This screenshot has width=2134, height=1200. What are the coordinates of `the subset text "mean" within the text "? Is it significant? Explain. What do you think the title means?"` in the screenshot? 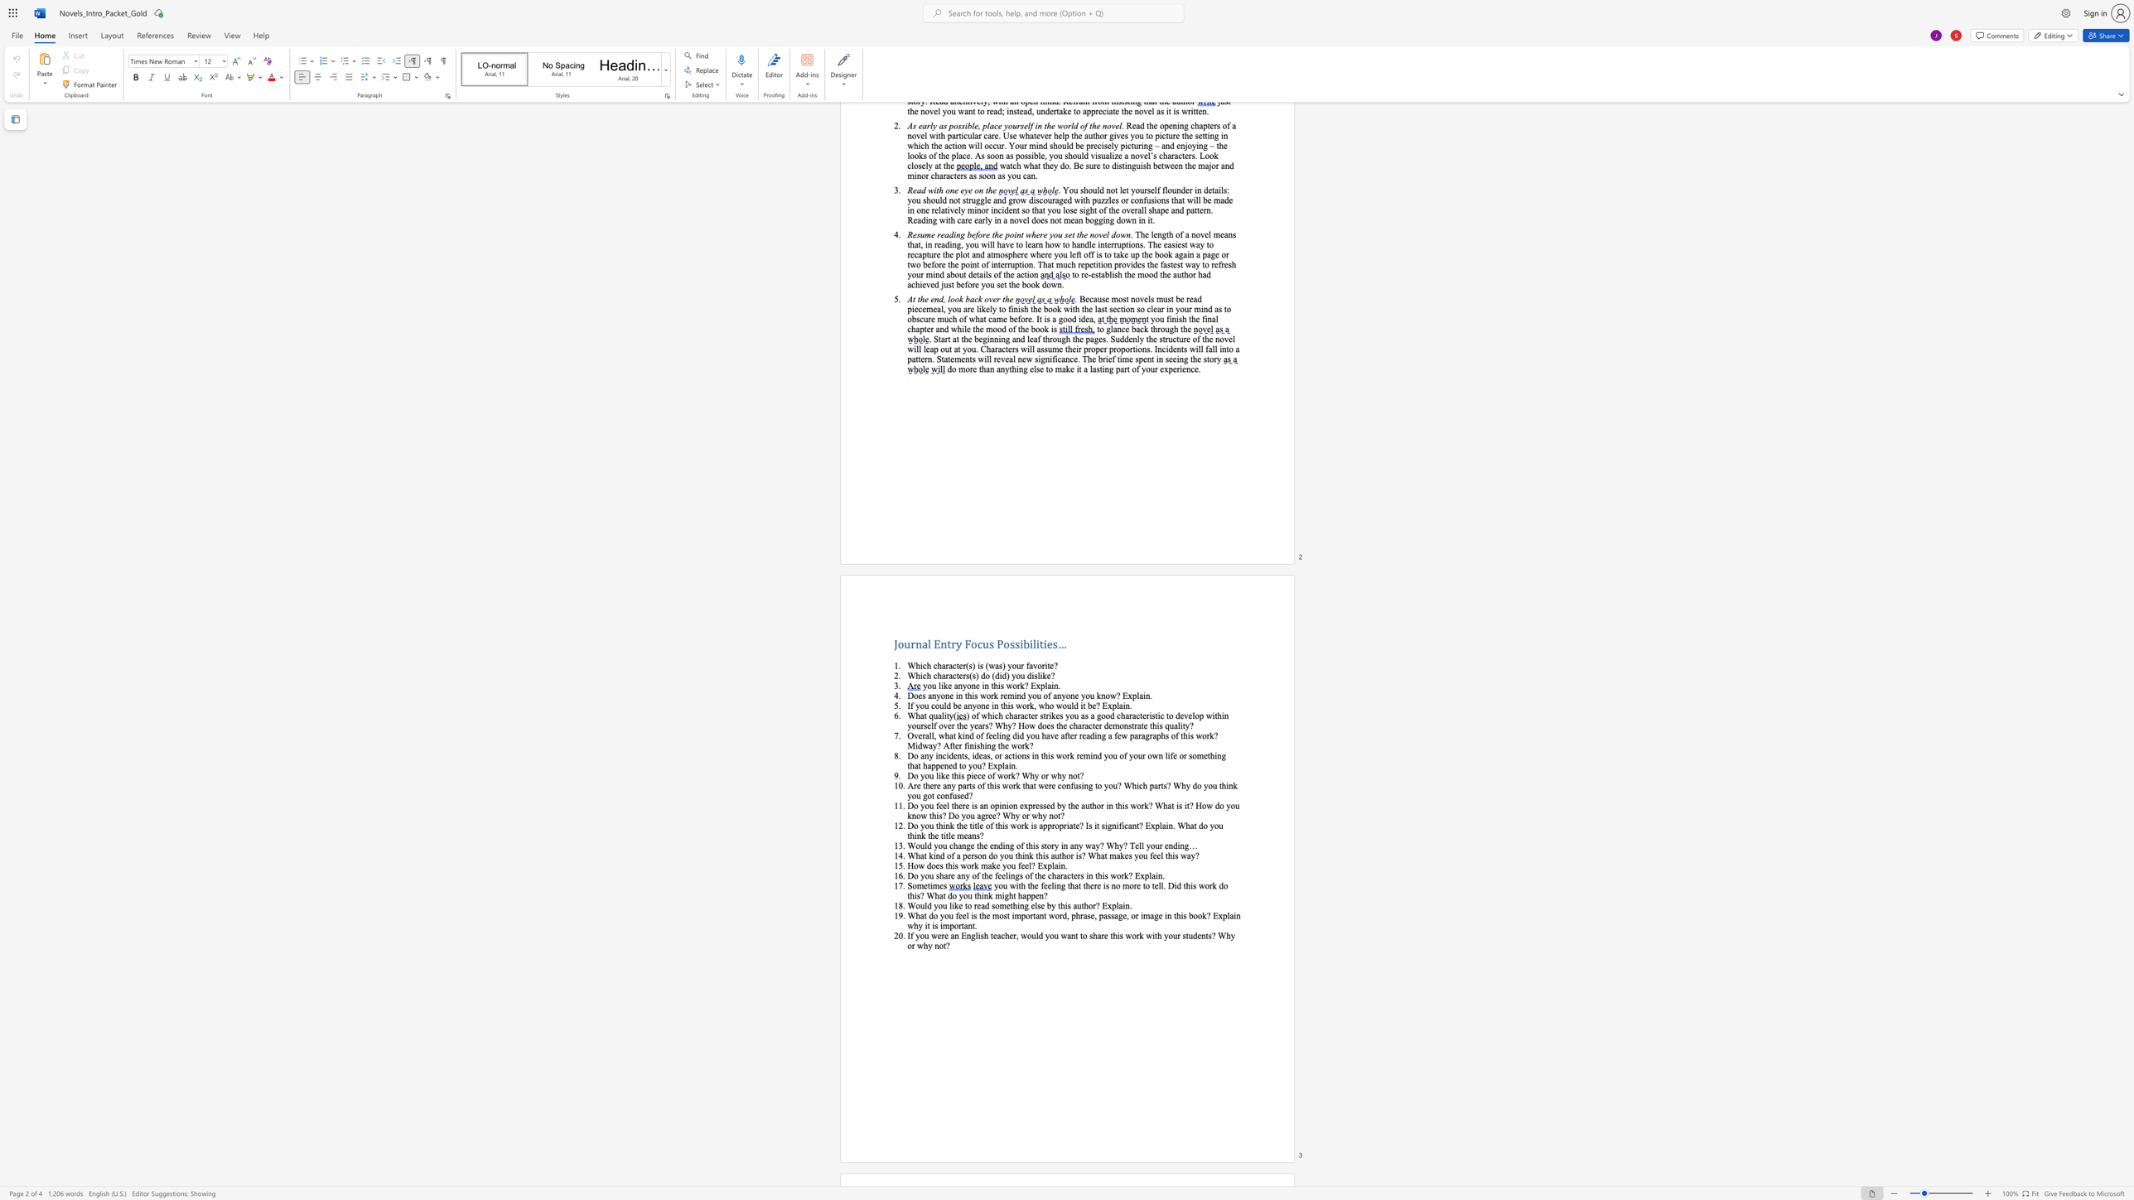 It's located at (957, 835).